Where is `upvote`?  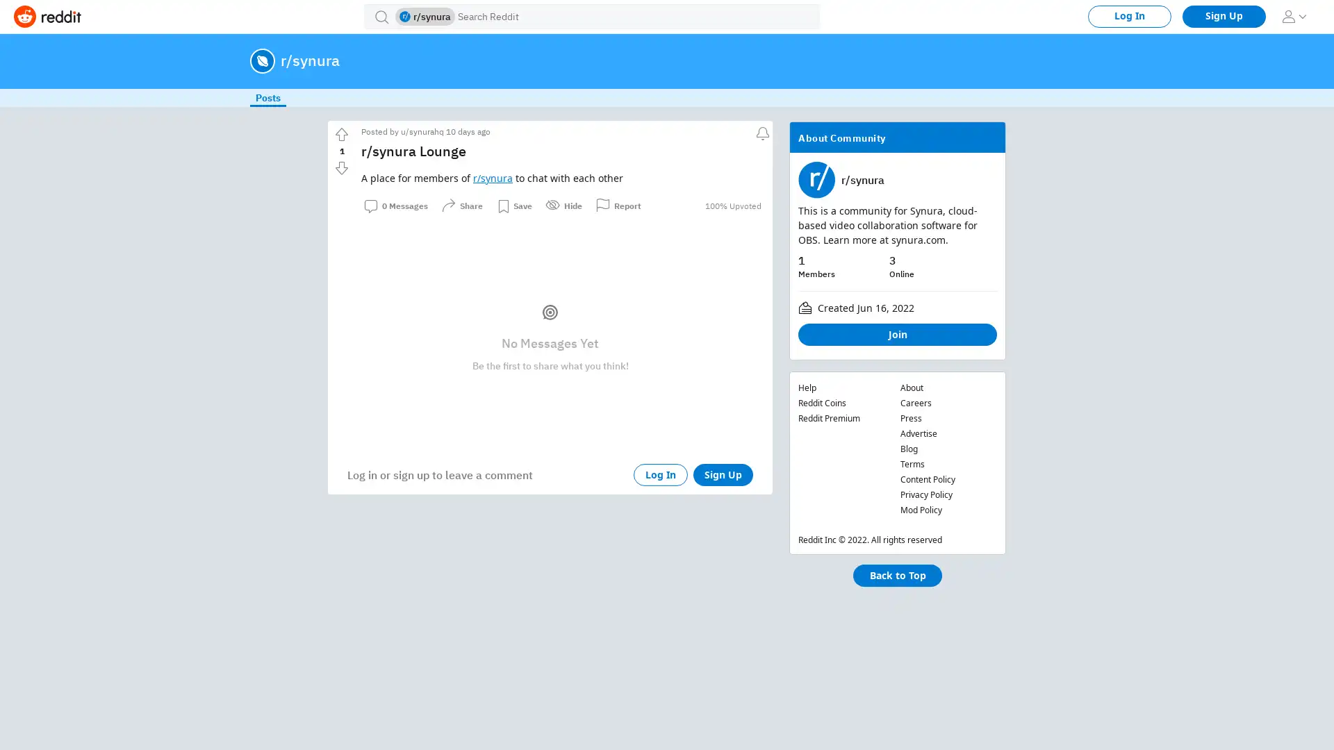 upvote is located at coordinates (341, 134).